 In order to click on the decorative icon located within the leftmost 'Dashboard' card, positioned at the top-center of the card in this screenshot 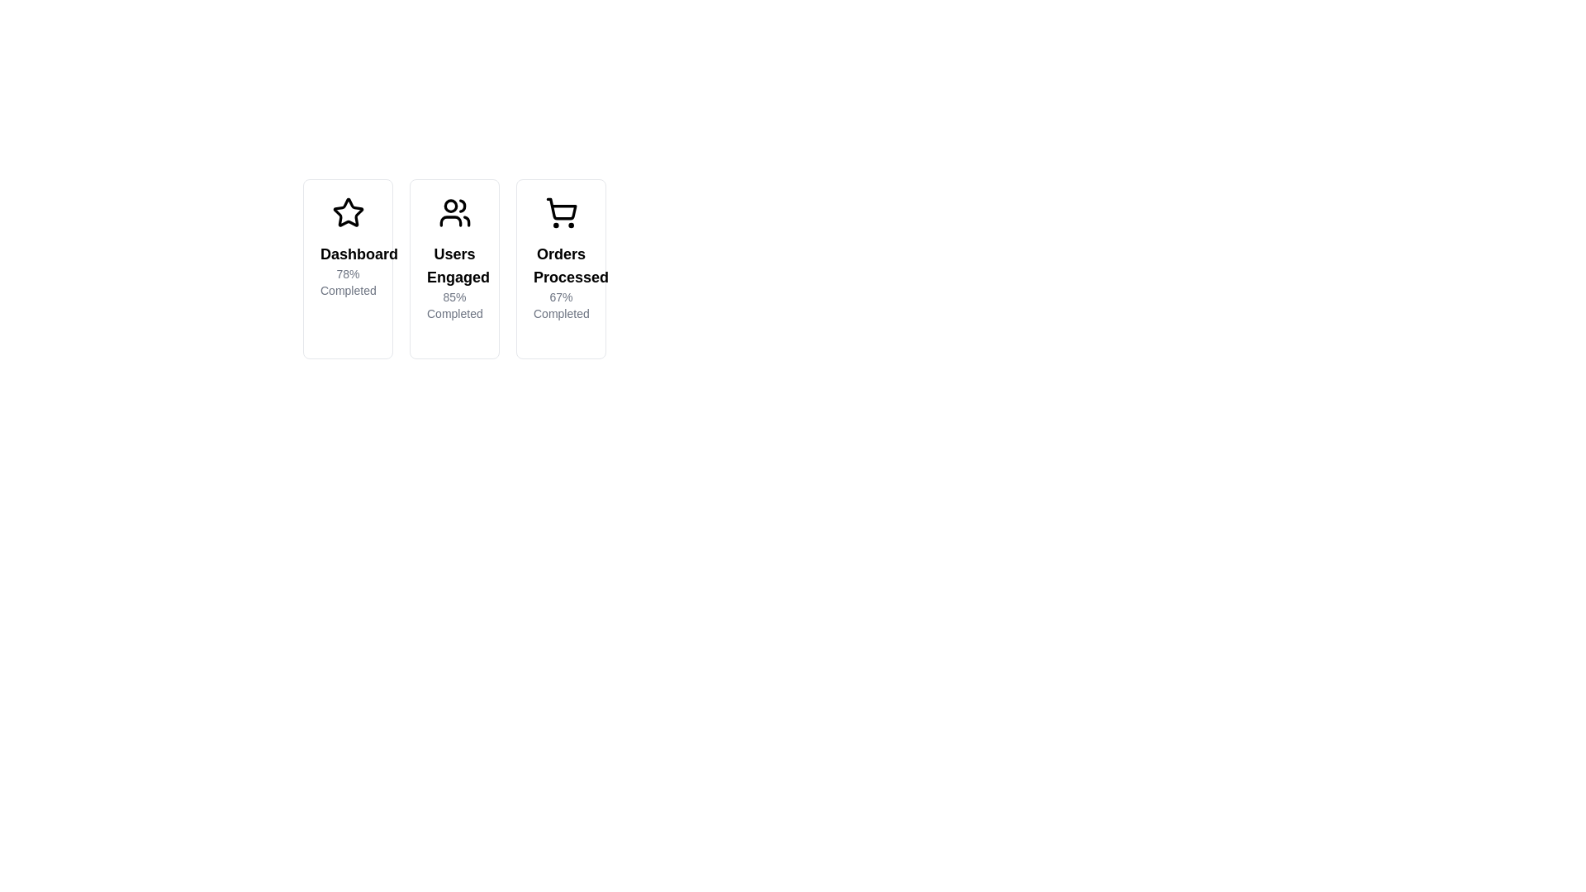, I will do `click(347, 211)`.